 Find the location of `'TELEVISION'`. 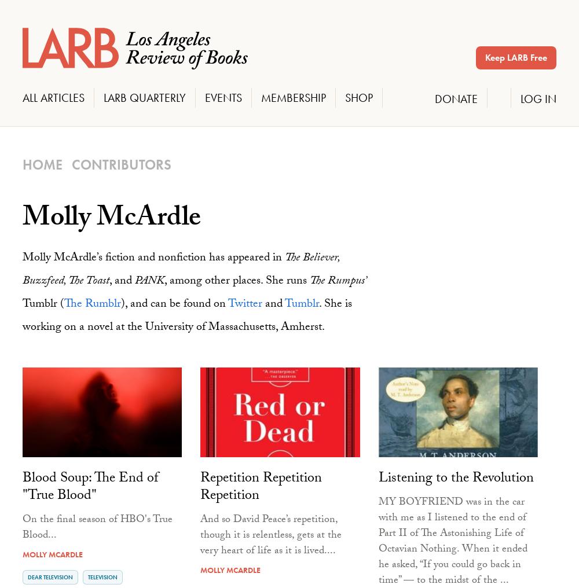

'TELEVISION' is located at coordinates (102, 576).